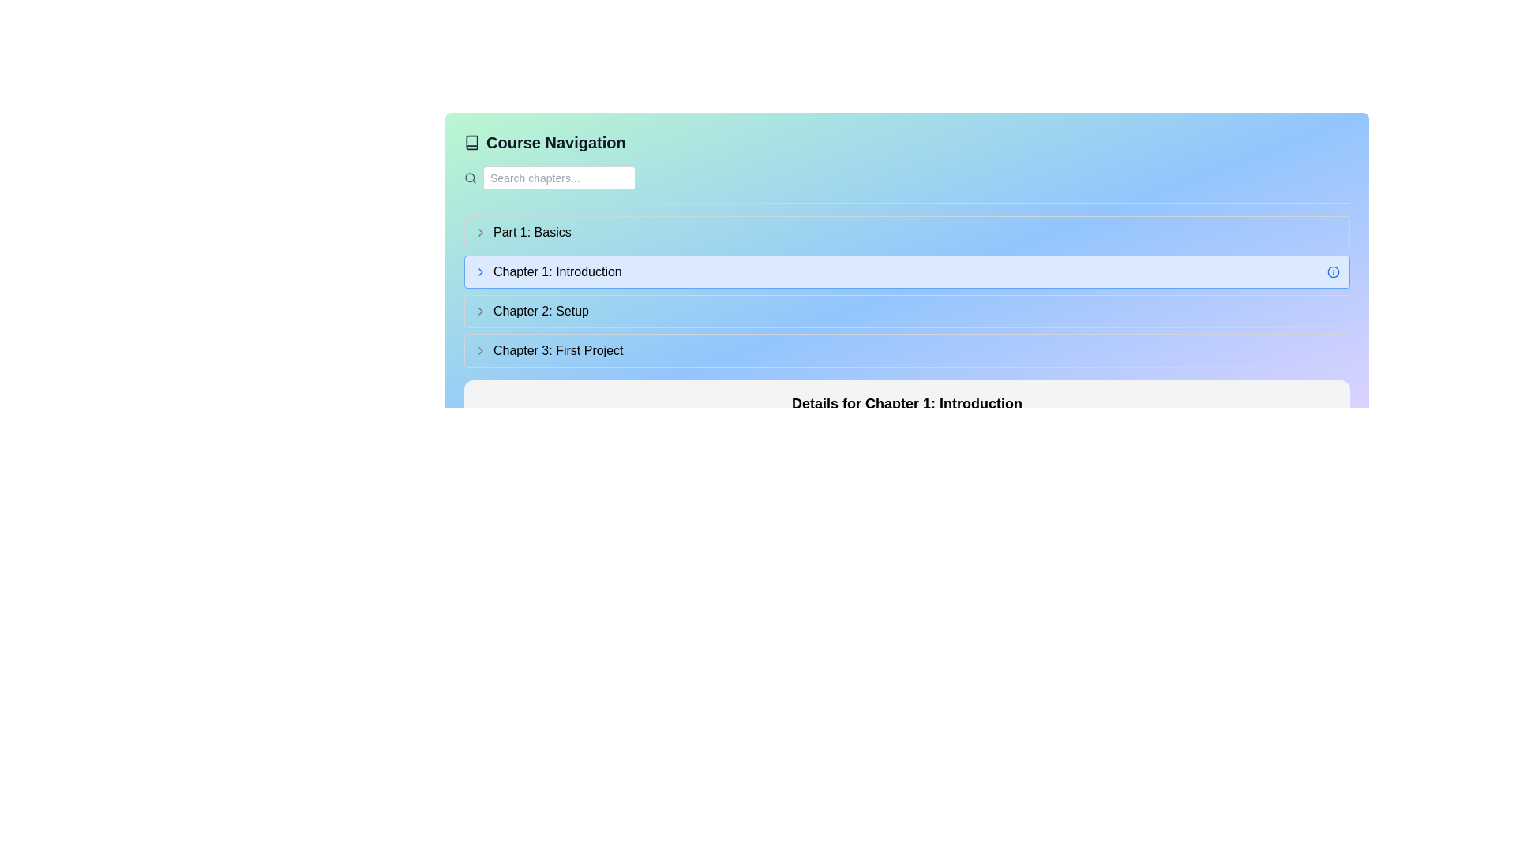 This screenshot has height=852, width=1516. Describe the element at coordinates (480, 311) in the screenshot. I see `the chevron icon associated with 'Chapter 2: Setup'` at that location.